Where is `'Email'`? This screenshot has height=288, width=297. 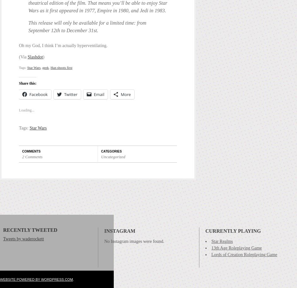 'Email' is located at coordinates (99, 94).